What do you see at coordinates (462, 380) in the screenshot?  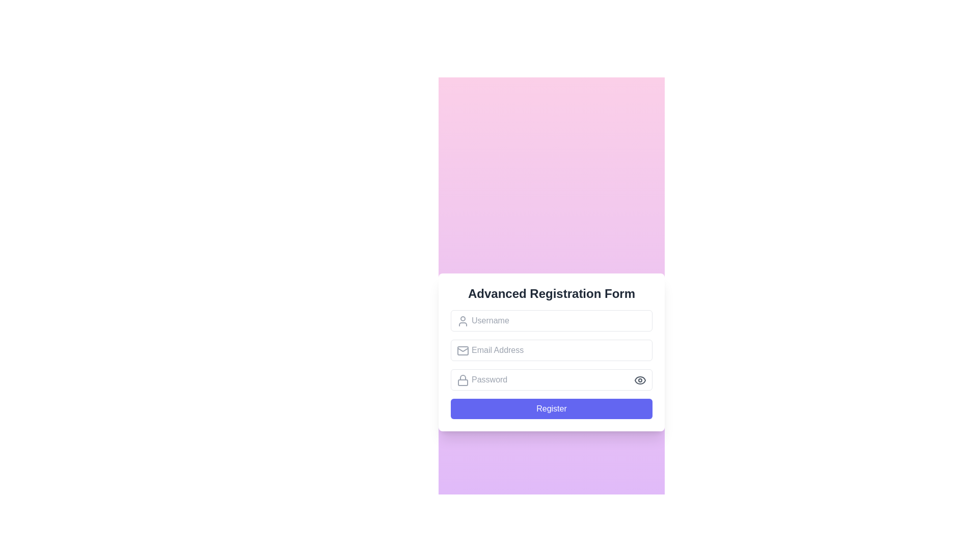 I see `the security icon located at the left side of the password input field, which symbolizes security or password protection` at bounding box center [462, 380].